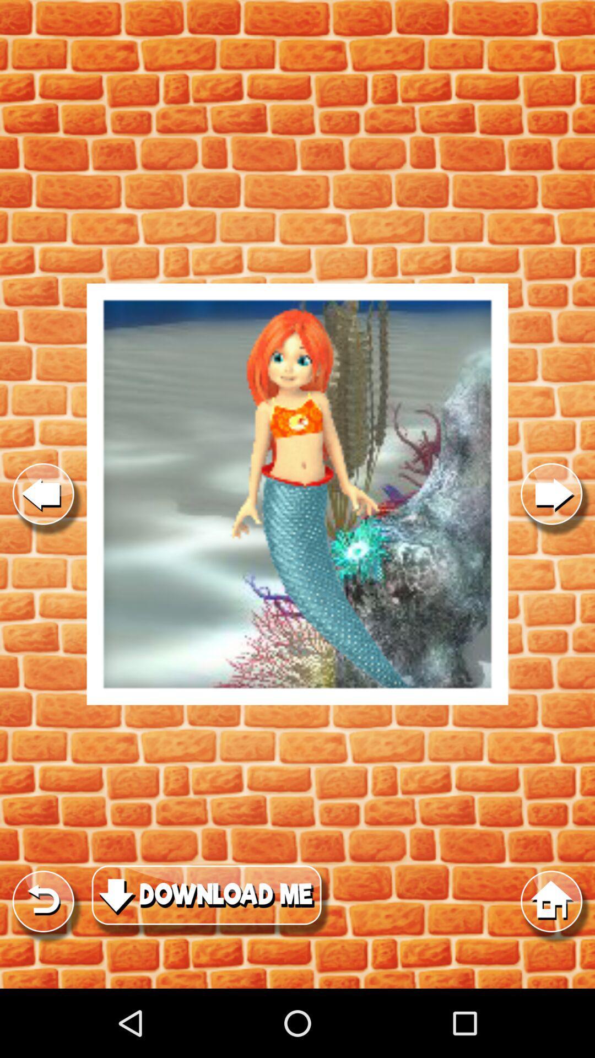 This screenshot has height=1058, width=595. What do you see at coordinates (212, 902) in the screenshot?
I see `download content` at bounding box center [212, 902].